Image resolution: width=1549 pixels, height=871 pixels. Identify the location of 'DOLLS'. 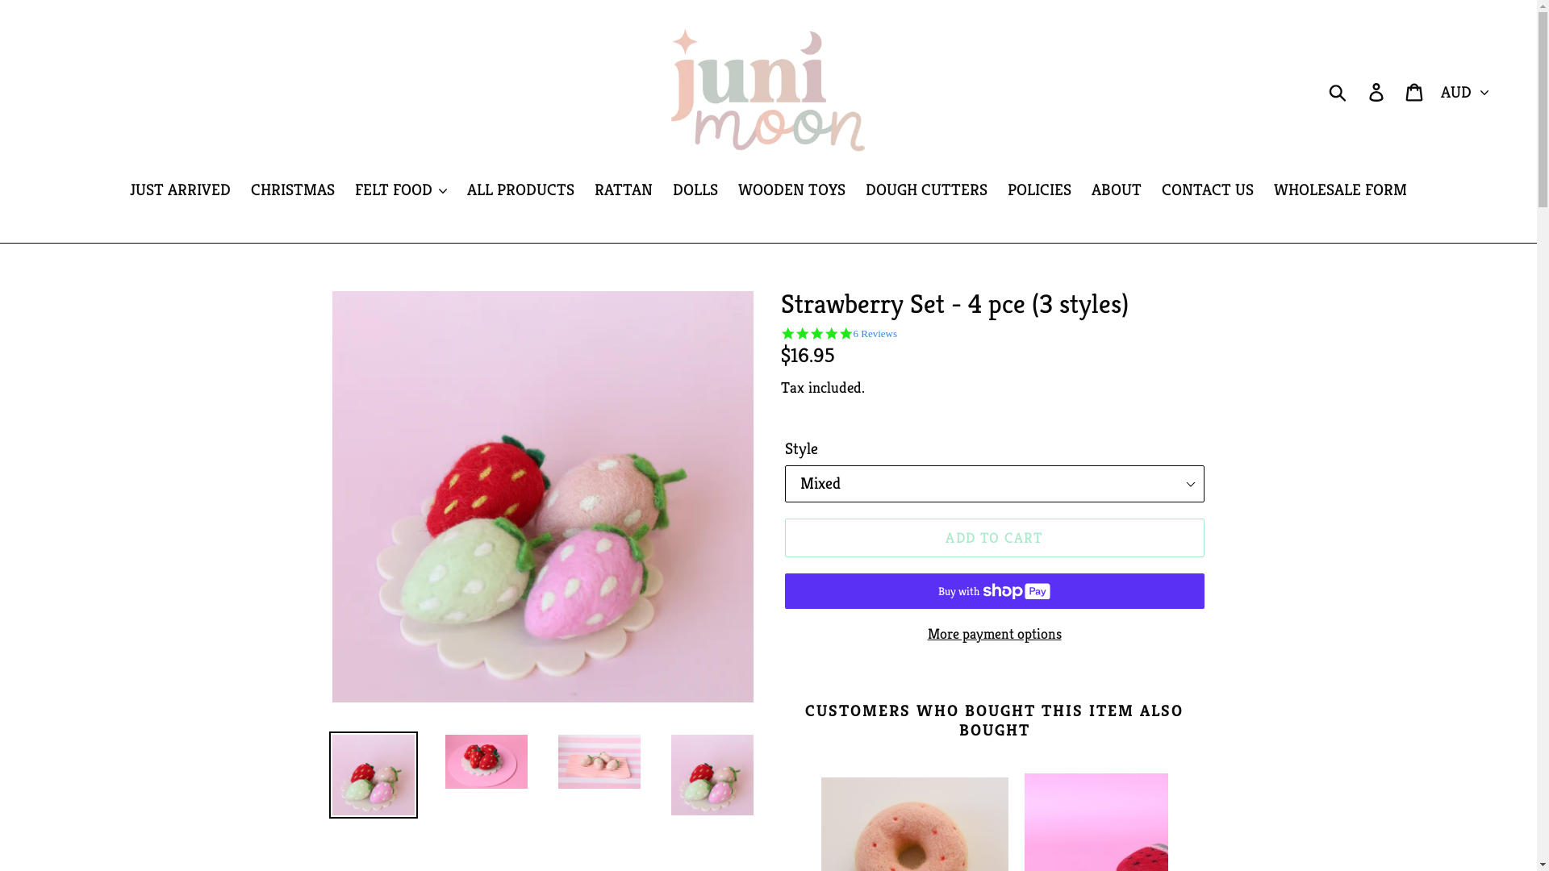
(695, 190).